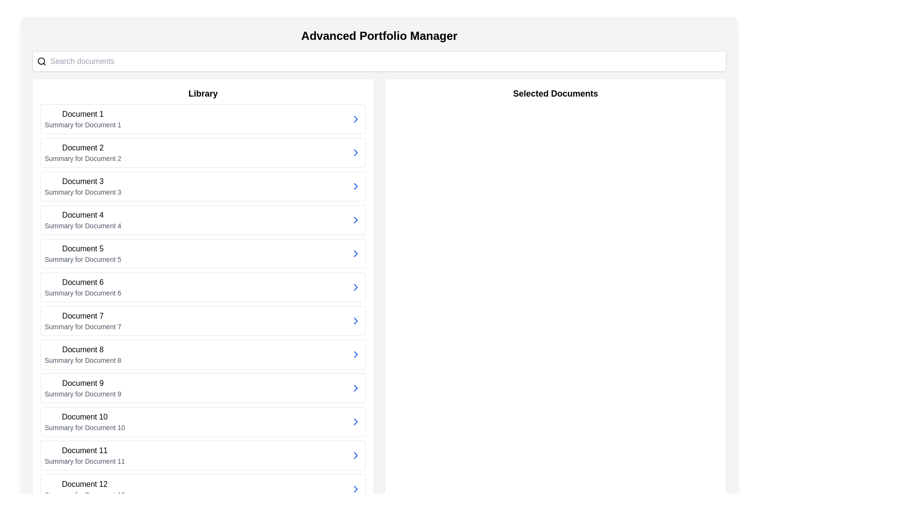  What do you see at coordinates (202, 186) in the screenshot?
I see `the list item titled 'Document 3' in the Library section` at bounding box center [202, 186].